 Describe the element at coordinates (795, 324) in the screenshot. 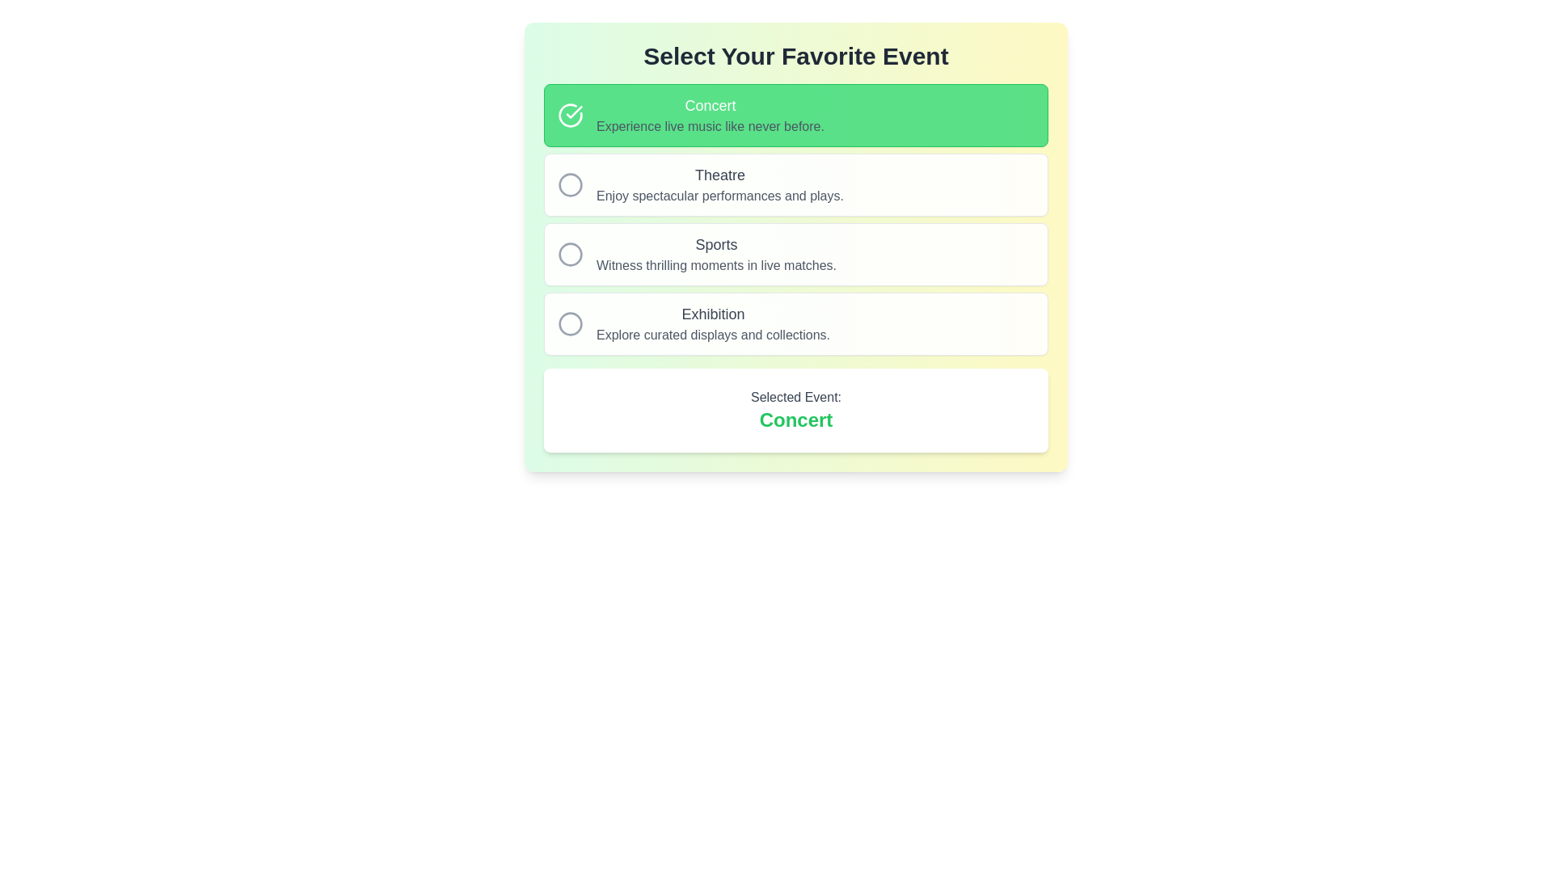

I see `the 'Exhibition' radio button option` at that location.